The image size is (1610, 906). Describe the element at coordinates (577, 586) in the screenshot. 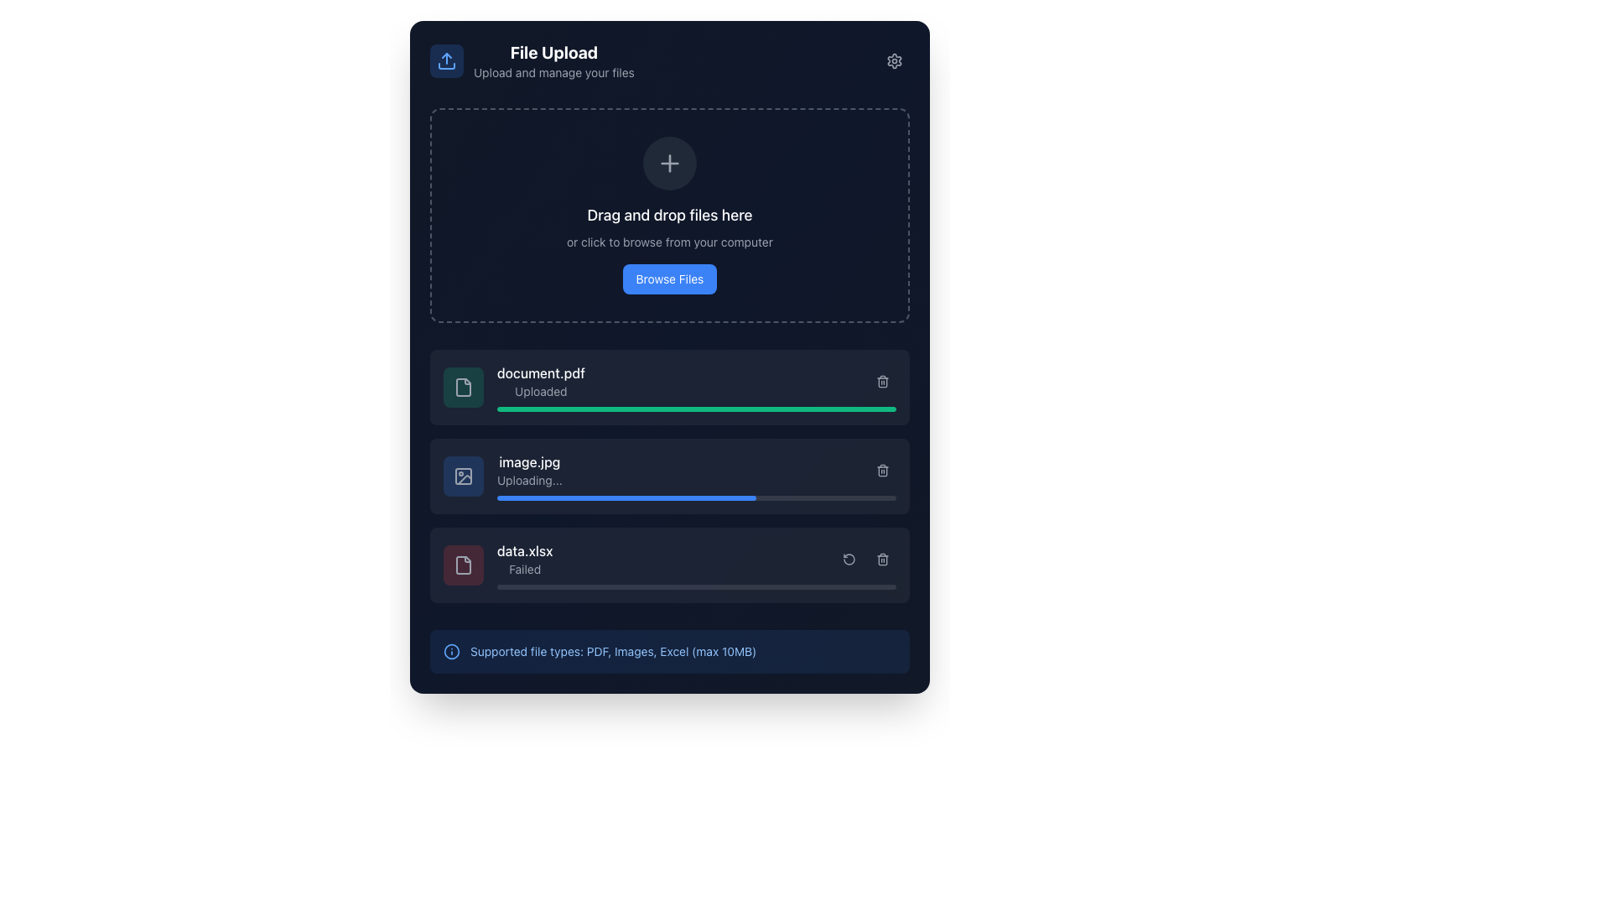

I see `the progress` at that location.